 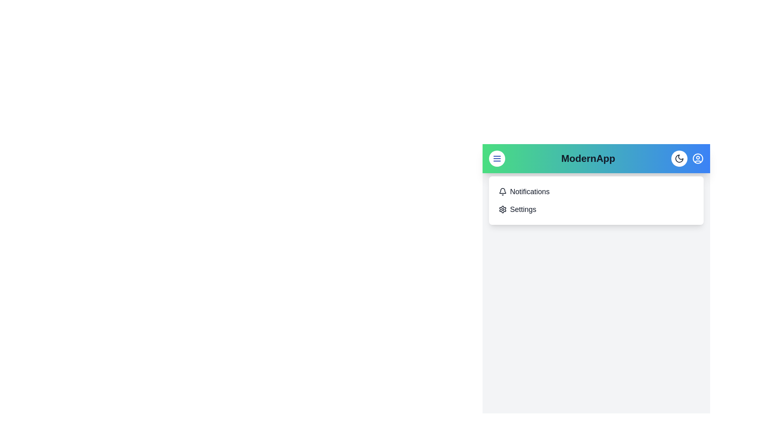 I want to click on the menu button to toggle the menu visibility, so click(x=496, y=159).